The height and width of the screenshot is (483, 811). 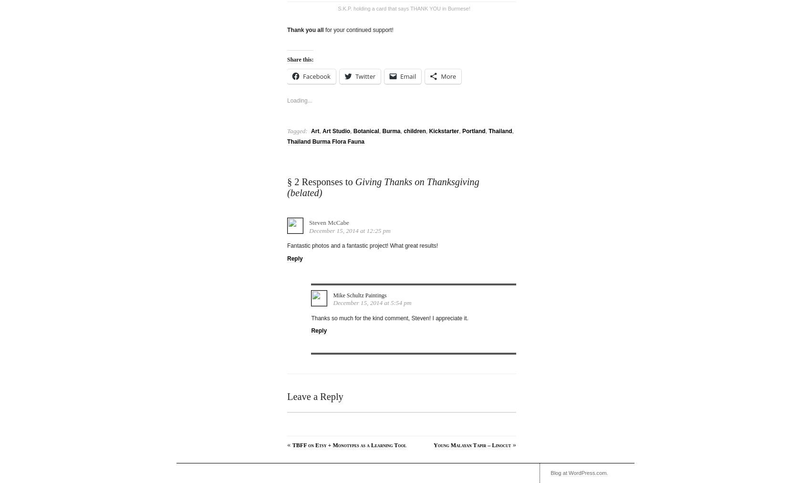 What do you see at coordinates (444, 127) in the screenshot?
I see `'Kickstarter'` at bounding box center [444, 127].